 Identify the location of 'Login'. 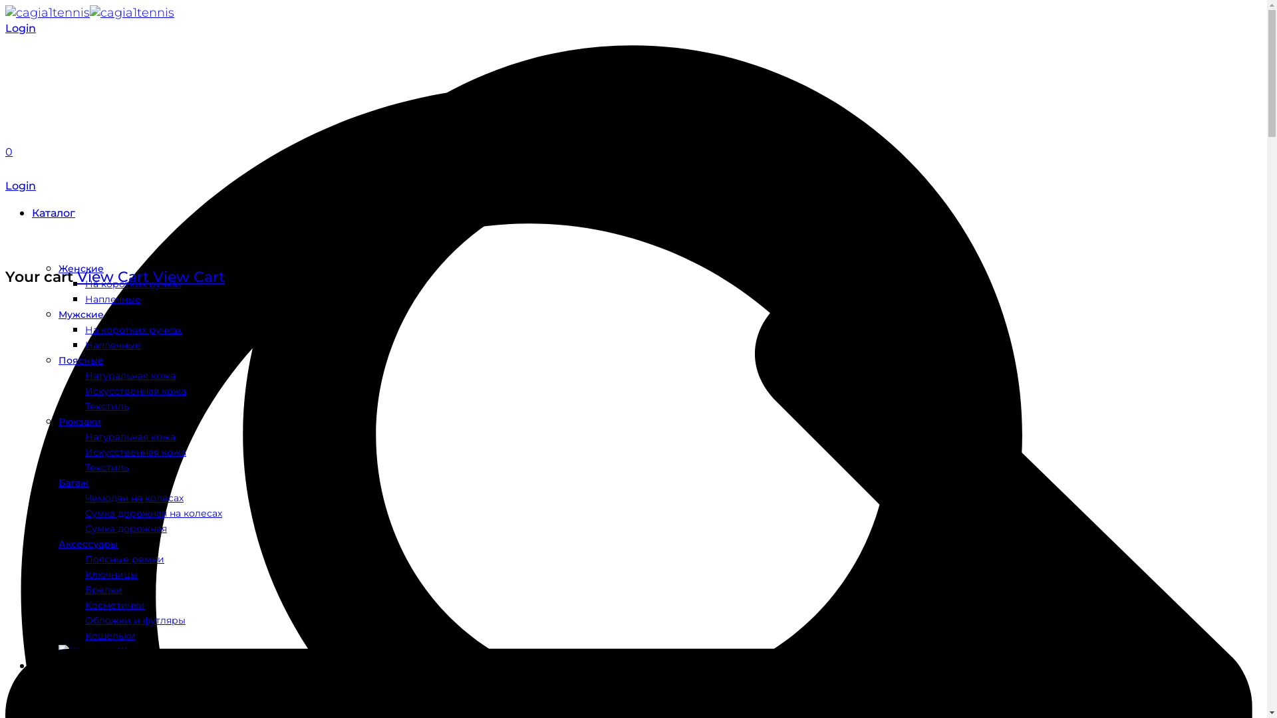
(20, 185).